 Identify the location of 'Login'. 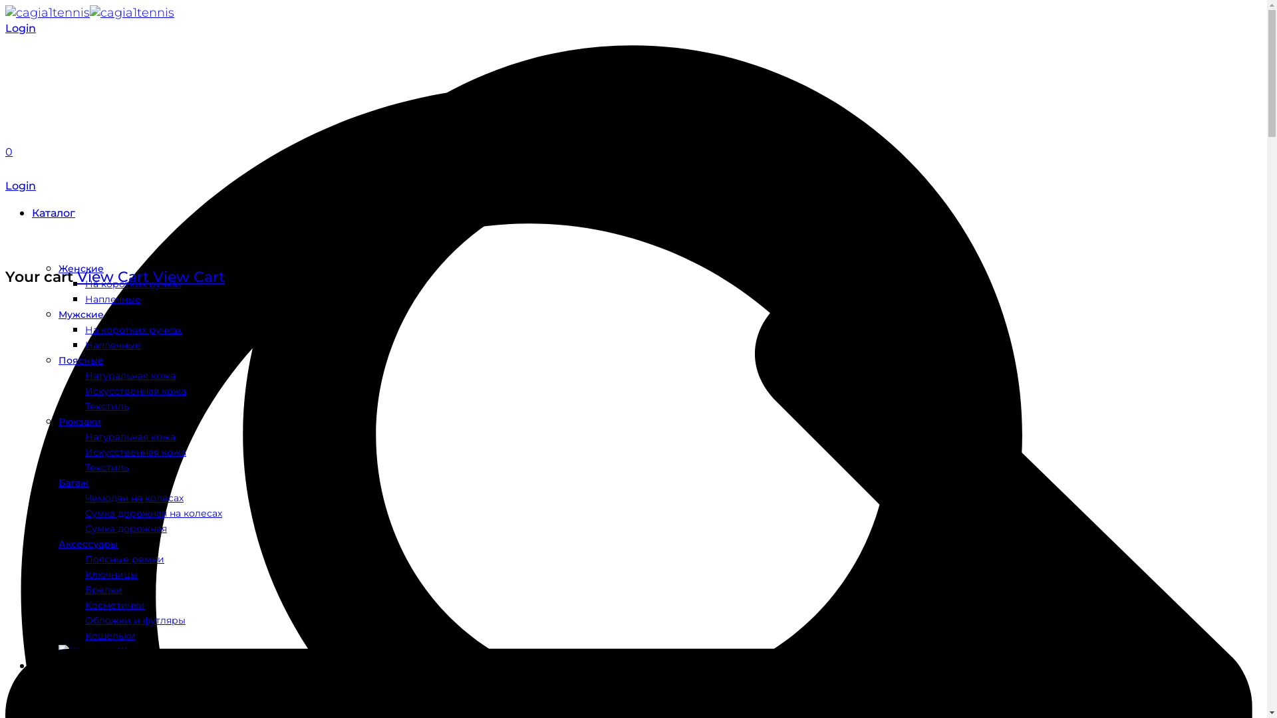
(20, 185).